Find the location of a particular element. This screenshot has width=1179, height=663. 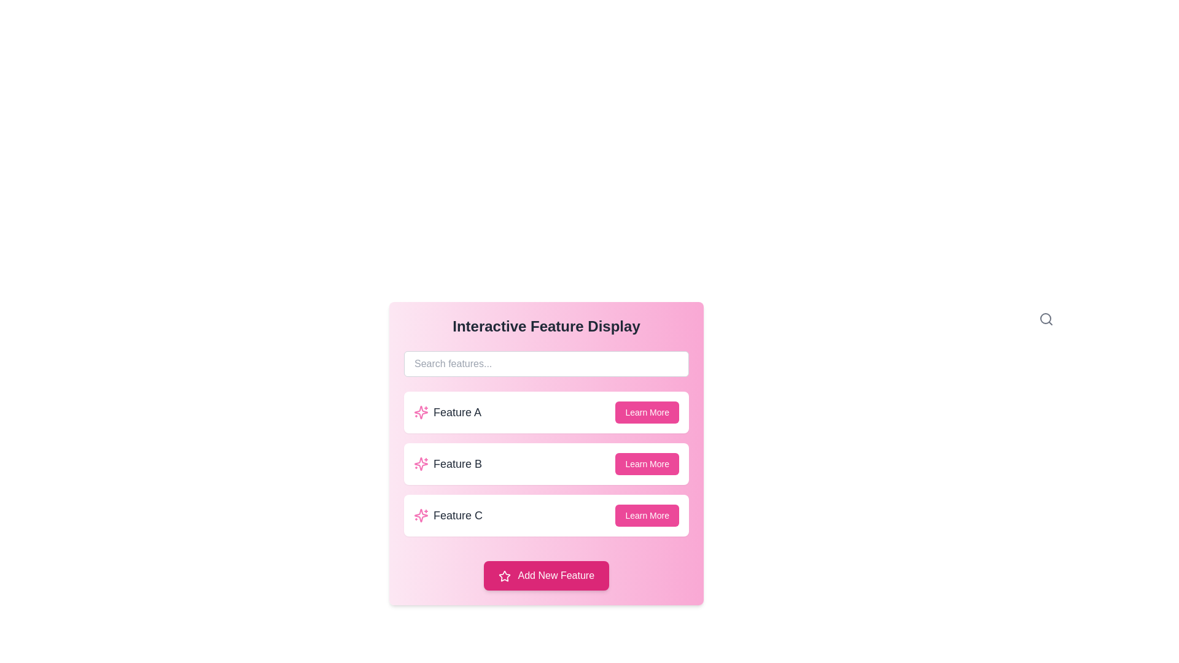

the pink decorative icon resembling sparkles located to the left of the text 'Feature A' is located at coordinates (421, 412).